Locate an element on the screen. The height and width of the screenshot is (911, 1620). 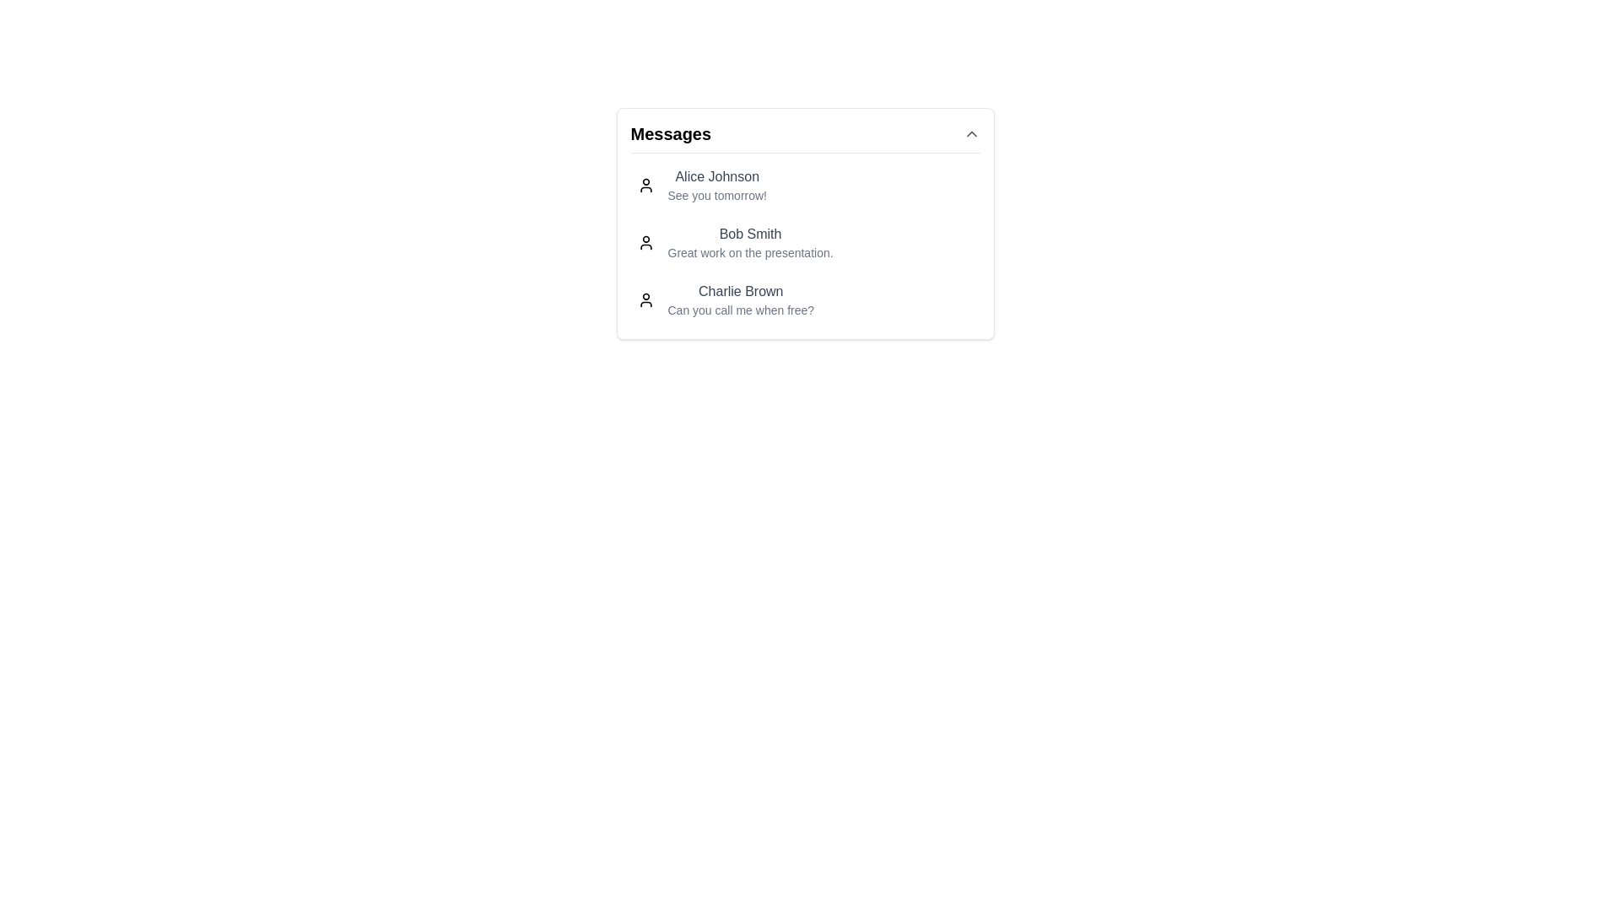
the static text label displaying 'Can you call me when free?' which is located below the name 'Charlie Brown' in the 'Messages' section is located at coordinates (741, 310).